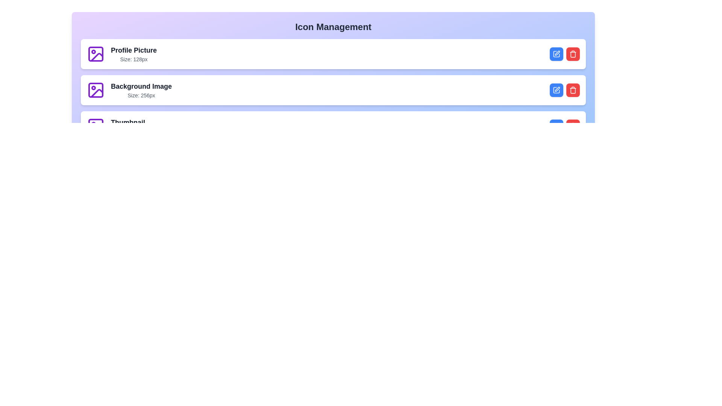 The width and height of the screenshot is (722, 406). I want to click on the red delete button with a trashcan icon, located to the right of the blue pencil icon button, so click(572, 89).